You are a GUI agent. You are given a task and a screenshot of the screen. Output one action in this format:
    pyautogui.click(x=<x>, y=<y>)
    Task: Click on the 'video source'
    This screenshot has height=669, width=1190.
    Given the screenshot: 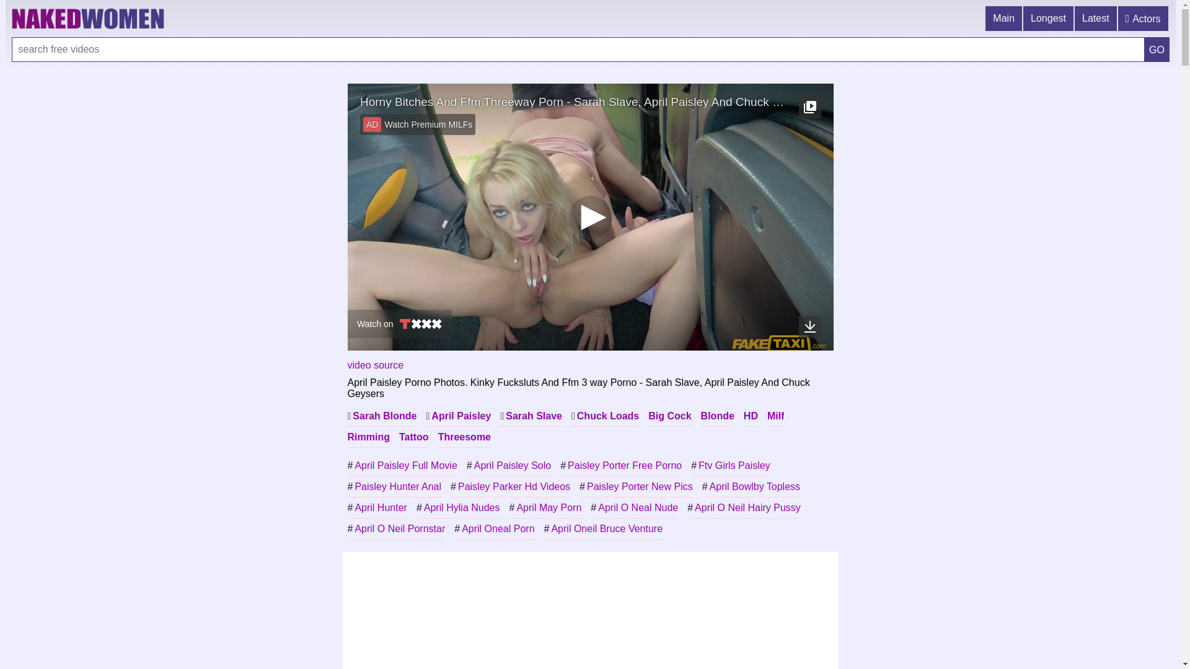 What is the action you would take?
    pyautogui.click(x=347, y=364)
    